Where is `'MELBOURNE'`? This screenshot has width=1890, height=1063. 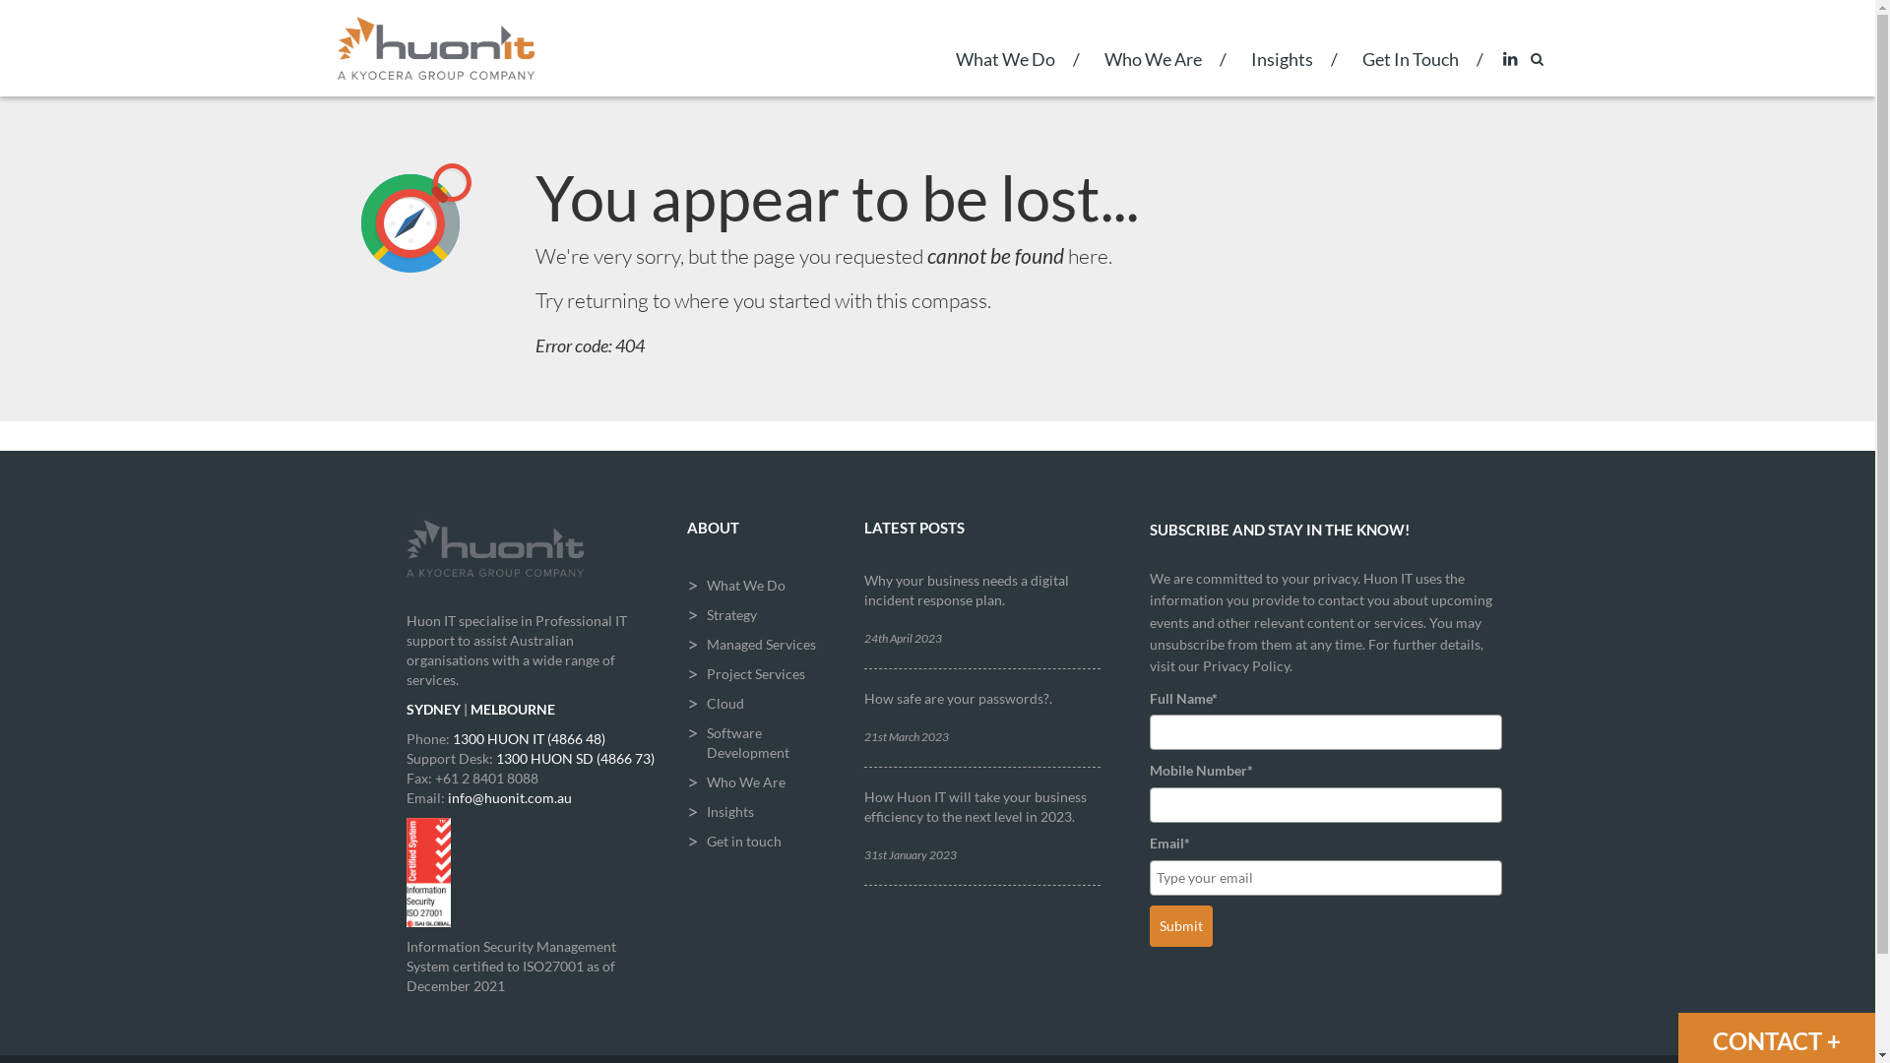
'MELBOURNE' is located at coordinates (513, 709).